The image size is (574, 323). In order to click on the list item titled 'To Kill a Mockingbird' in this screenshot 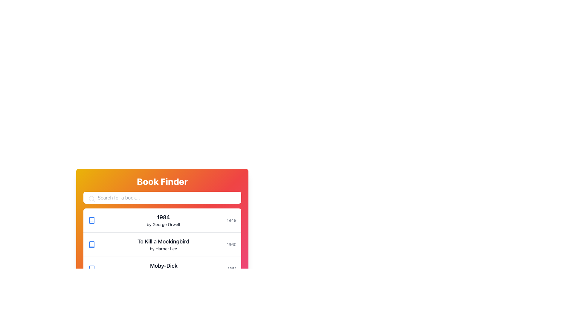, I will do `click(162, 245)`.